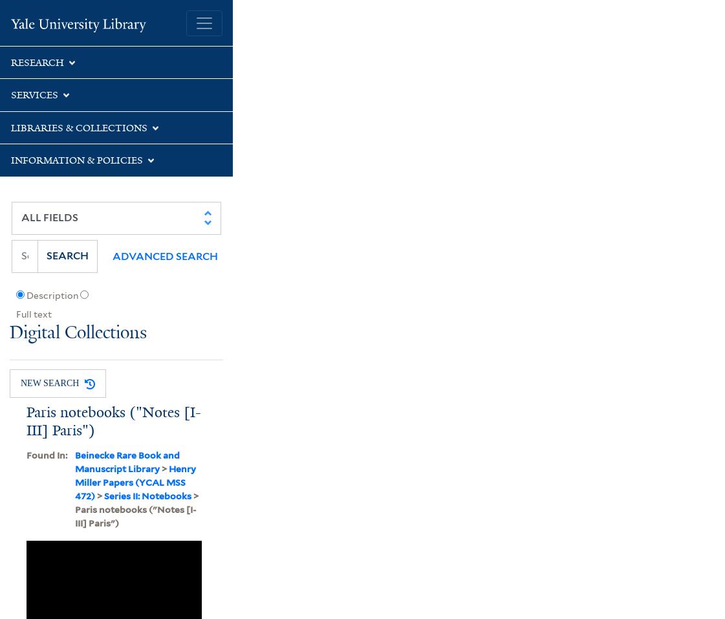  Describe the element at coordinates (14, 314) in the screenshot. I see `'Full text'` at that location.